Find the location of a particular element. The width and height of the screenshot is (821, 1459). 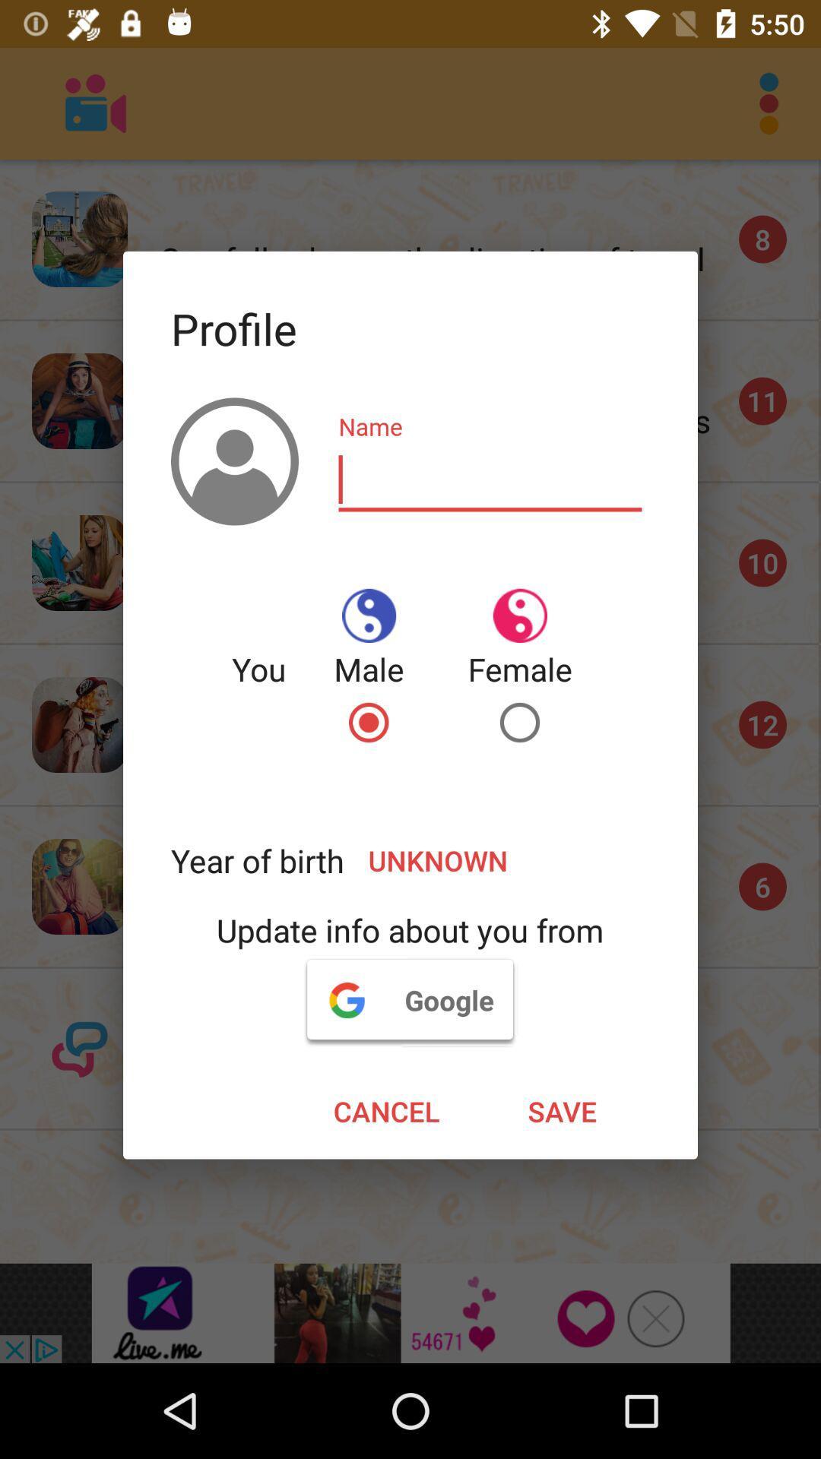

the icon to the right of cancel item is located at coordinates (562, 1111).